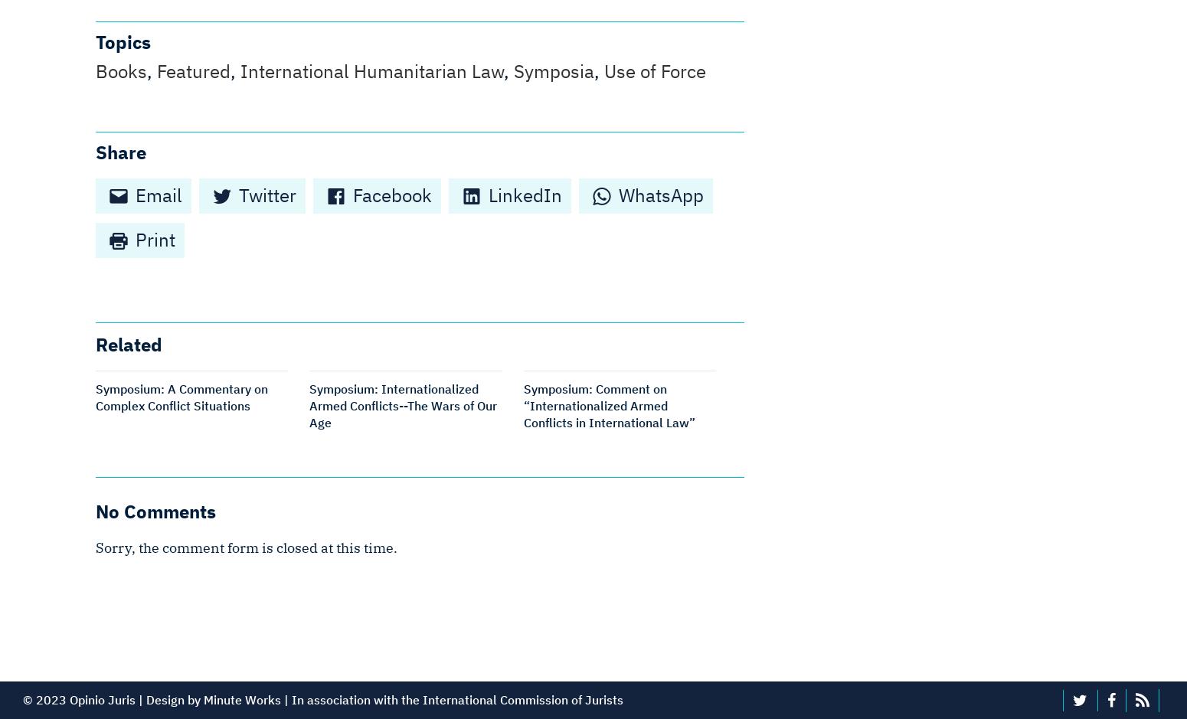 The image size is (1187, 719). I want to click on 'International Humanitarian Law', so click(371, 70).